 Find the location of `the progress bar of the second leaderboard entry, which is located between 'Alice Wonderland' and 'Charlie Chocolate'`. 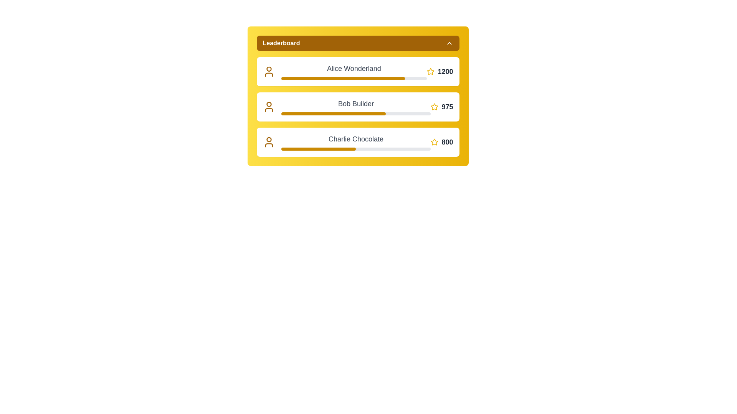

the progress bar of the second leaderboard entry, which is located between 'Alice Wonderland' and 'Charlie Chocolate' is located at coordinates (357, 107).